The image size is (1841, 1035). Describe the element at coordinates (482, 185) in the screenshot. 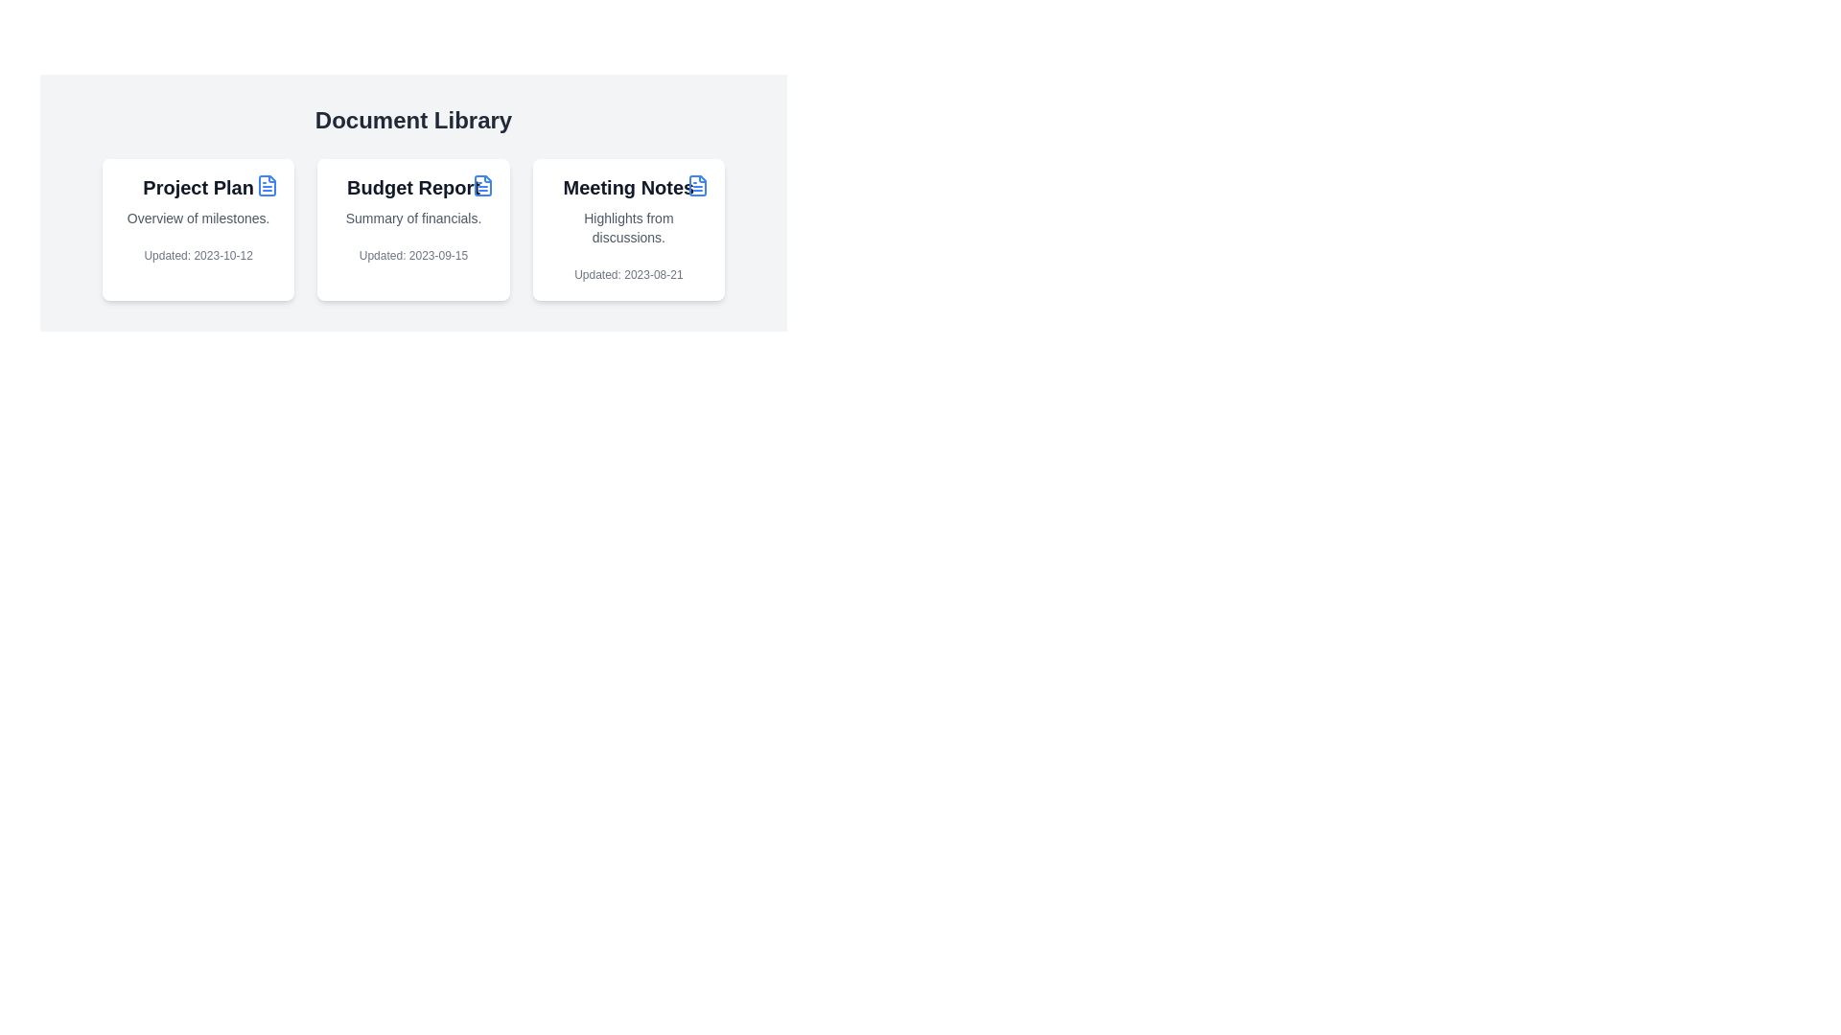

I see `the graphical icon representing the file document associated with the 'Budget Report' located adjacent to the 'Budget Report' title in the middle card of the Document Library layout` at that location.